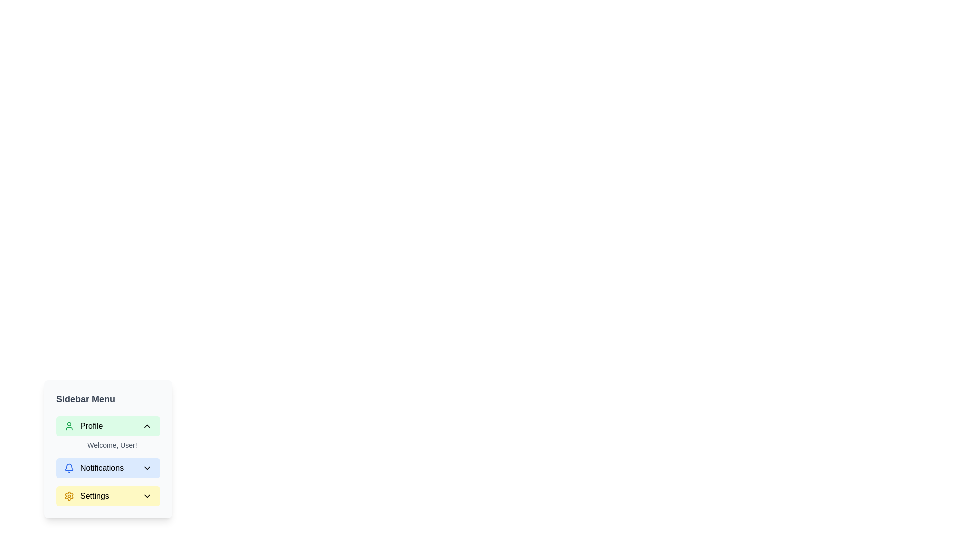 The image size is (958, 539). What do you see at coordinates (69, 426) in the screenshot?
I see `the green user icon vector graphic, which is a person's silhouette located to the left of the 'Profile' text in the sidebar menu` at bounding box center [69, 426].